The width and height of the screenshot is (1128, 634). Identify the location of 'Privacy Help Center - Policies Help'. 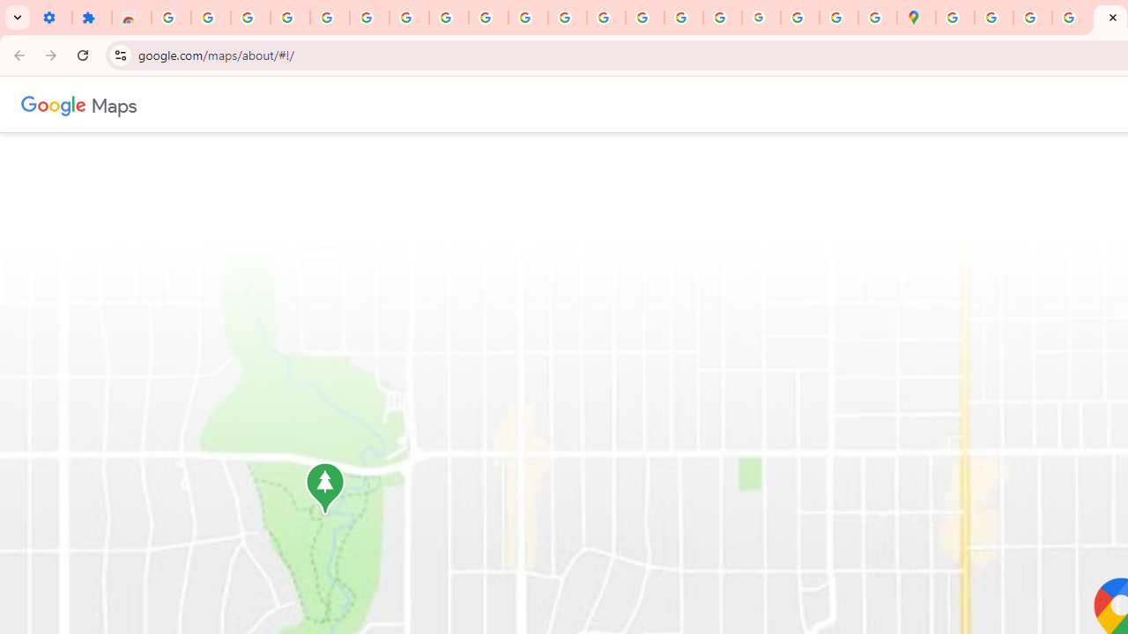
(606, 18).